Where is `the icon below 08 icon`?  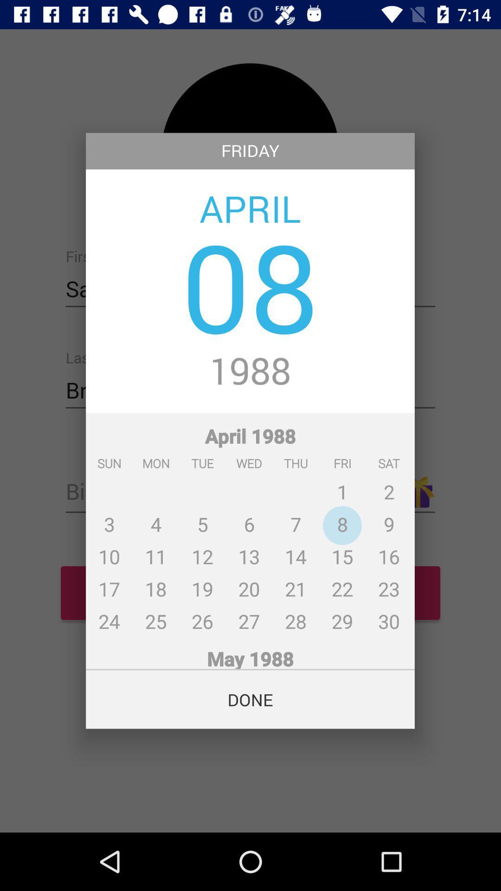 the icon below 08 icon is located at coordinates (250, 372).